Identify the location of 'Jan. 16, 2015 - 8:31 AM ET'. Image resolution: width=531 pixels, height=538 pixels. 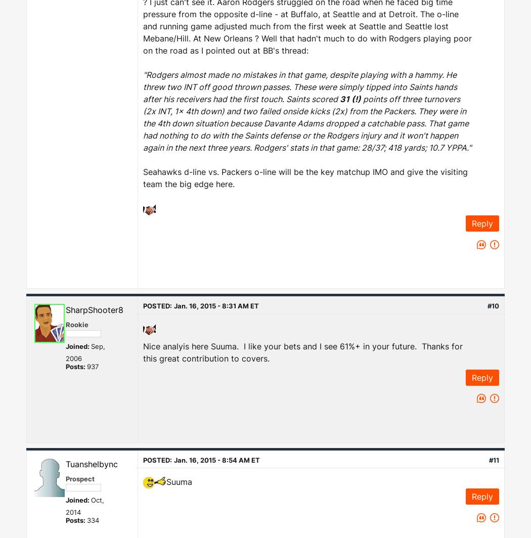
(215, 305).